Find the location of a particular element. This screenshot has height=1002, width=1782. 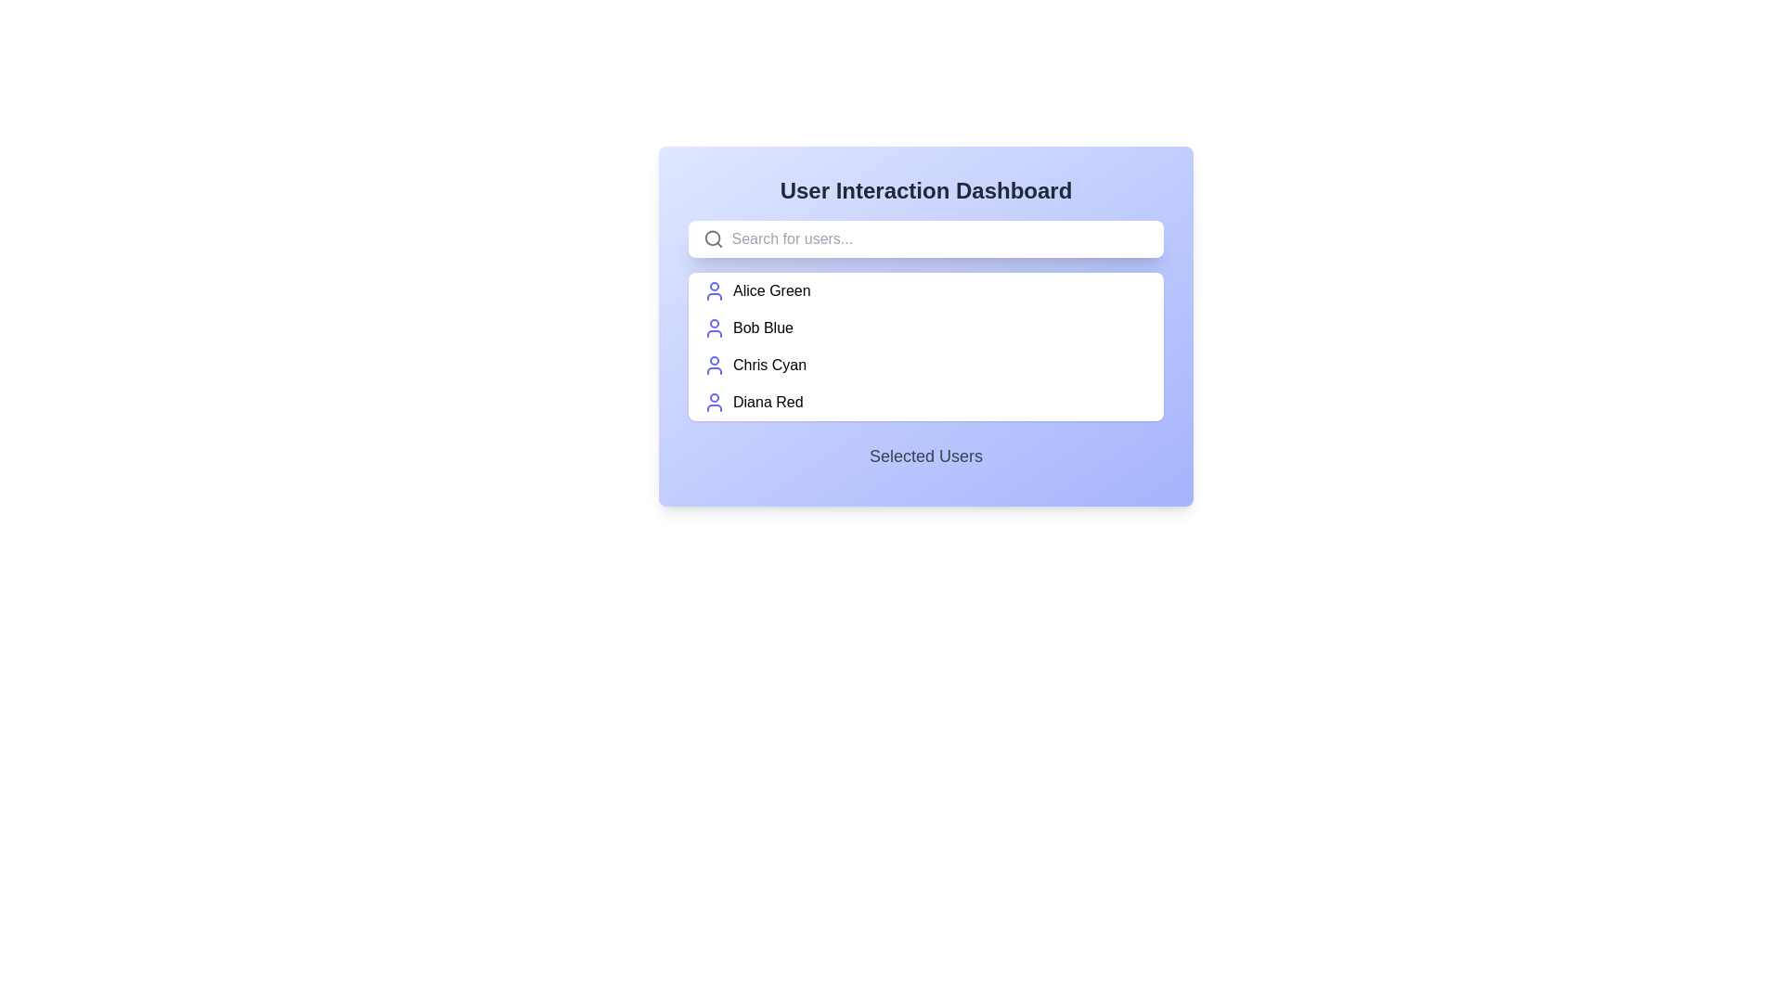

the User Icon representing 'Alice Green', which is a modern, blue-colored icon with a circular head and rounded rectangular body, located to the left of the text label is located at coordinates (713, 290).